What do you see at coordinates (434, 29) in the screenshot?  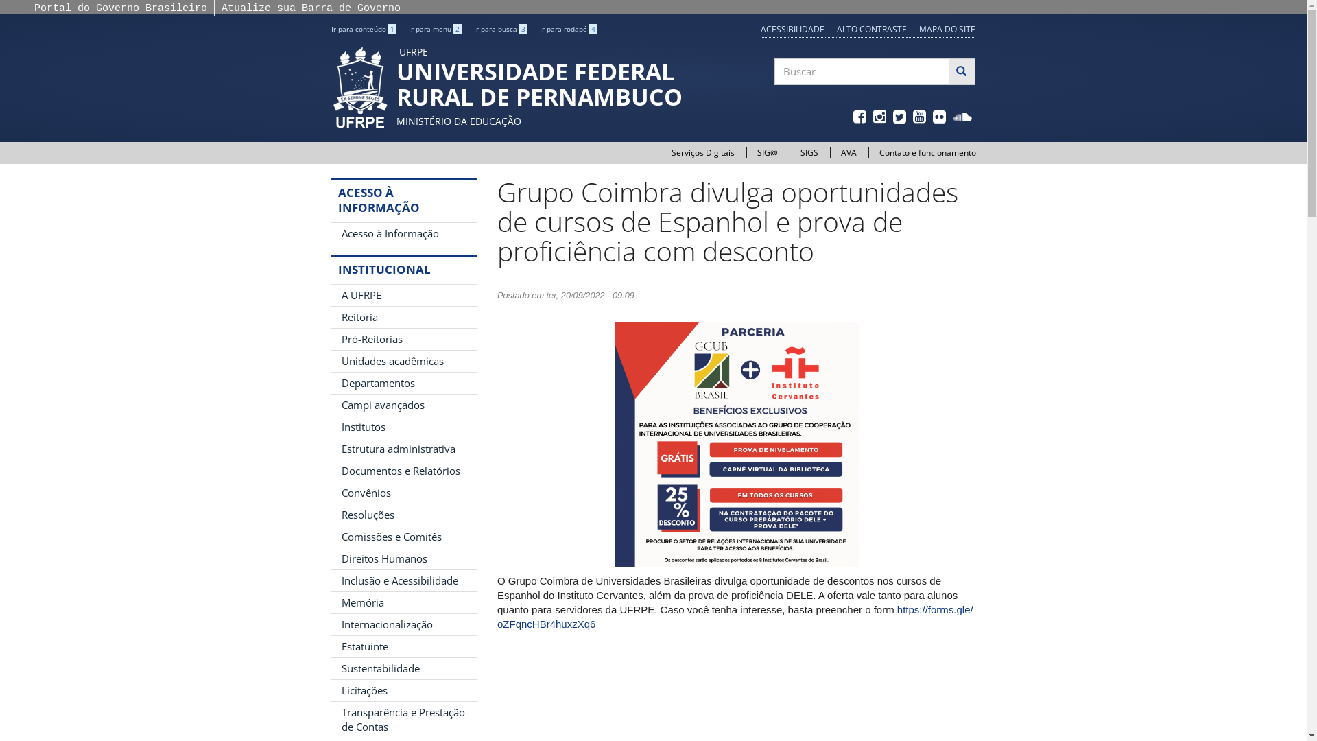 I see `'Ir para menu 2'` at bounding box center [434, 29].